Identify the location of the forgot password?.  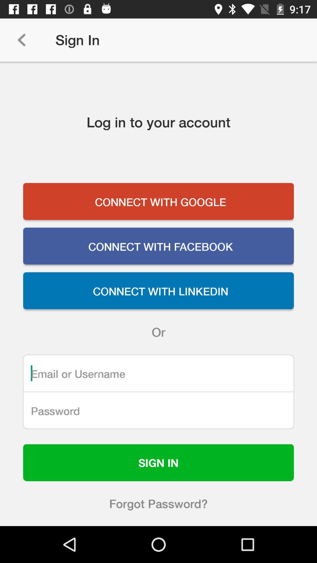
(158, 503).